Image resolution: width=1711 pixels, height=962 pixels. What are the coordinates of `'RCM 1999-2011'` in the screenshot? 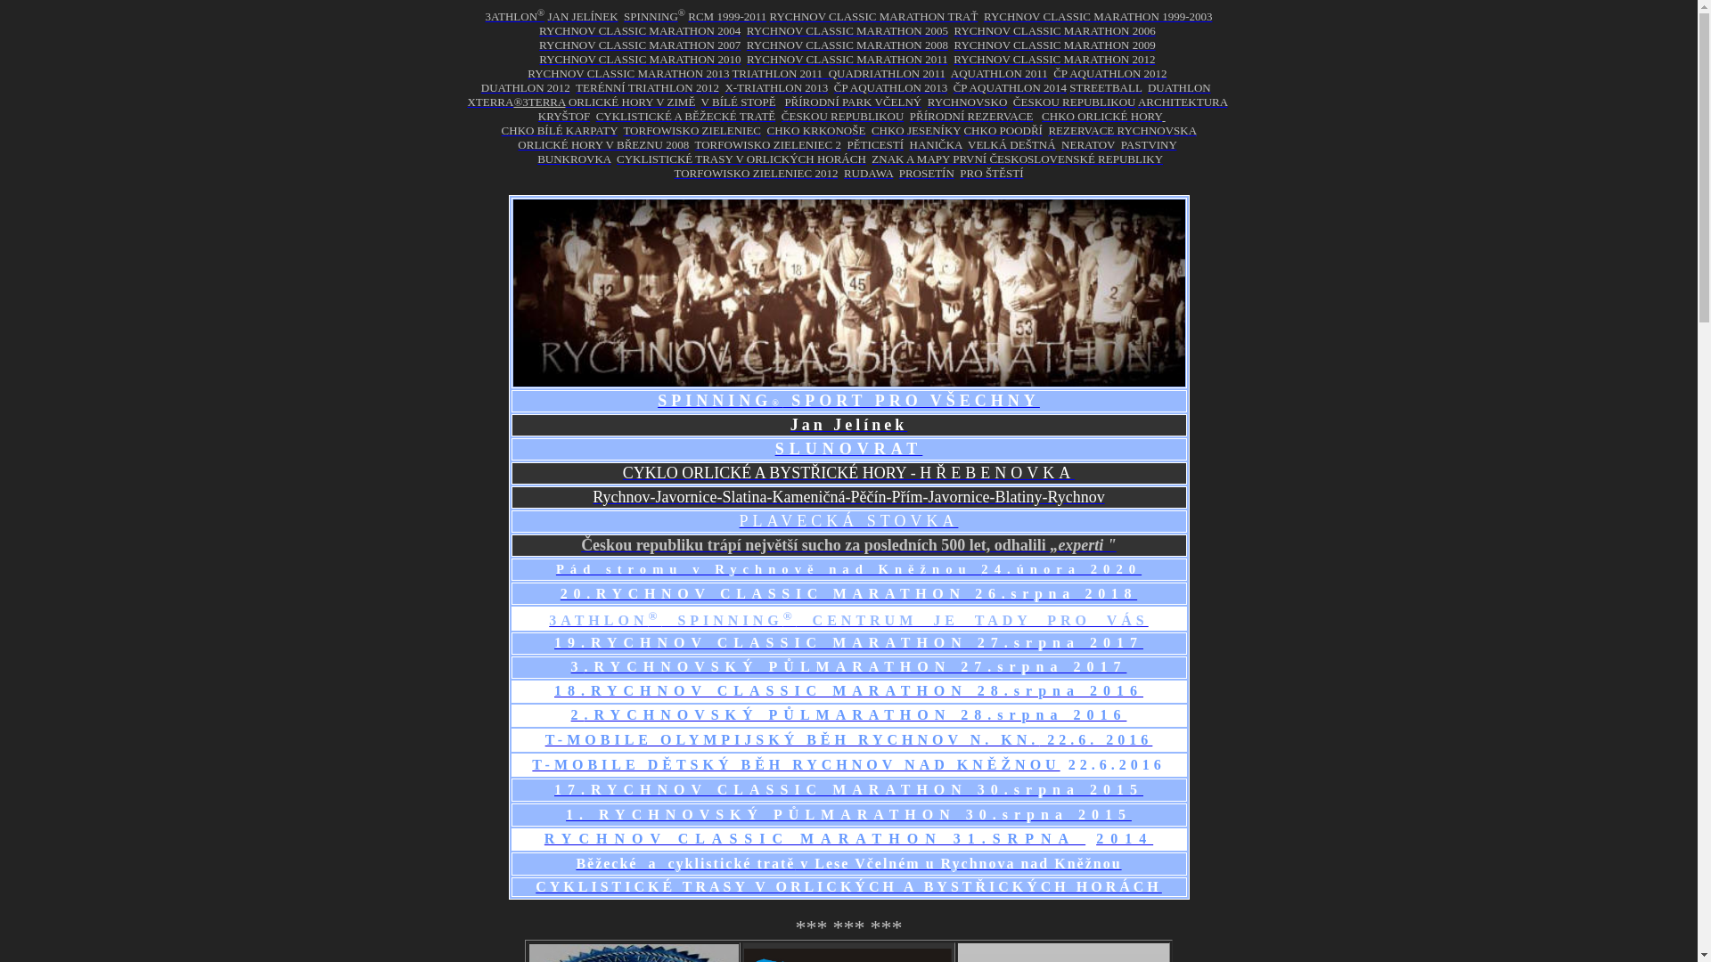 It's located at (727, 16).